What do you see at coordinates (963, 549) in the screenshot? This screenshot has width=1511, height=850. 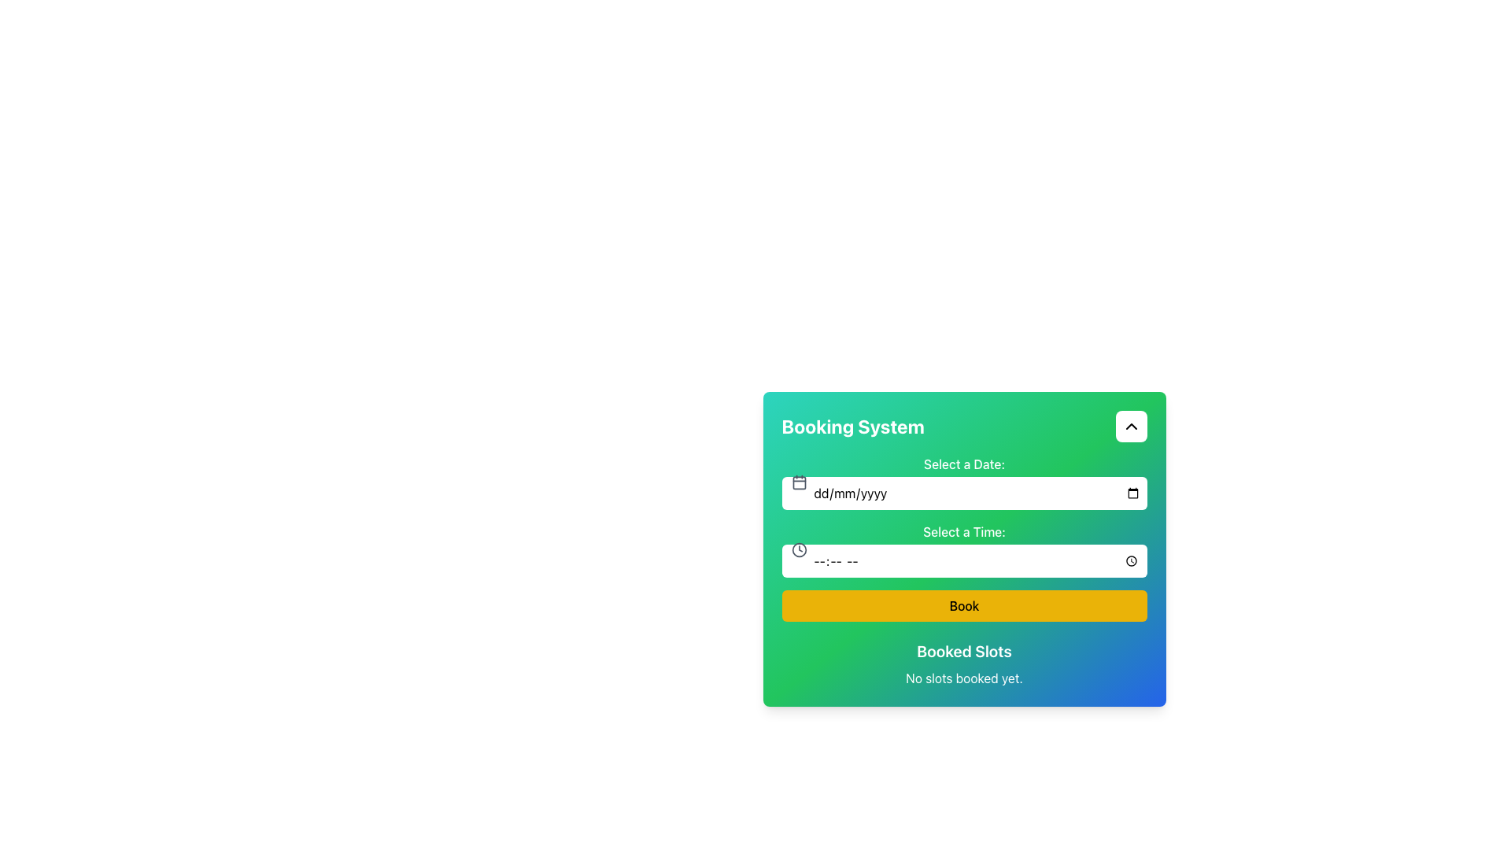 I see `a time from the dropdown in the time-selection input field labeled 'Select a Time:' located below the 'Select a Date:' input field in the Booking System interface` at bounding box center [963, 549].